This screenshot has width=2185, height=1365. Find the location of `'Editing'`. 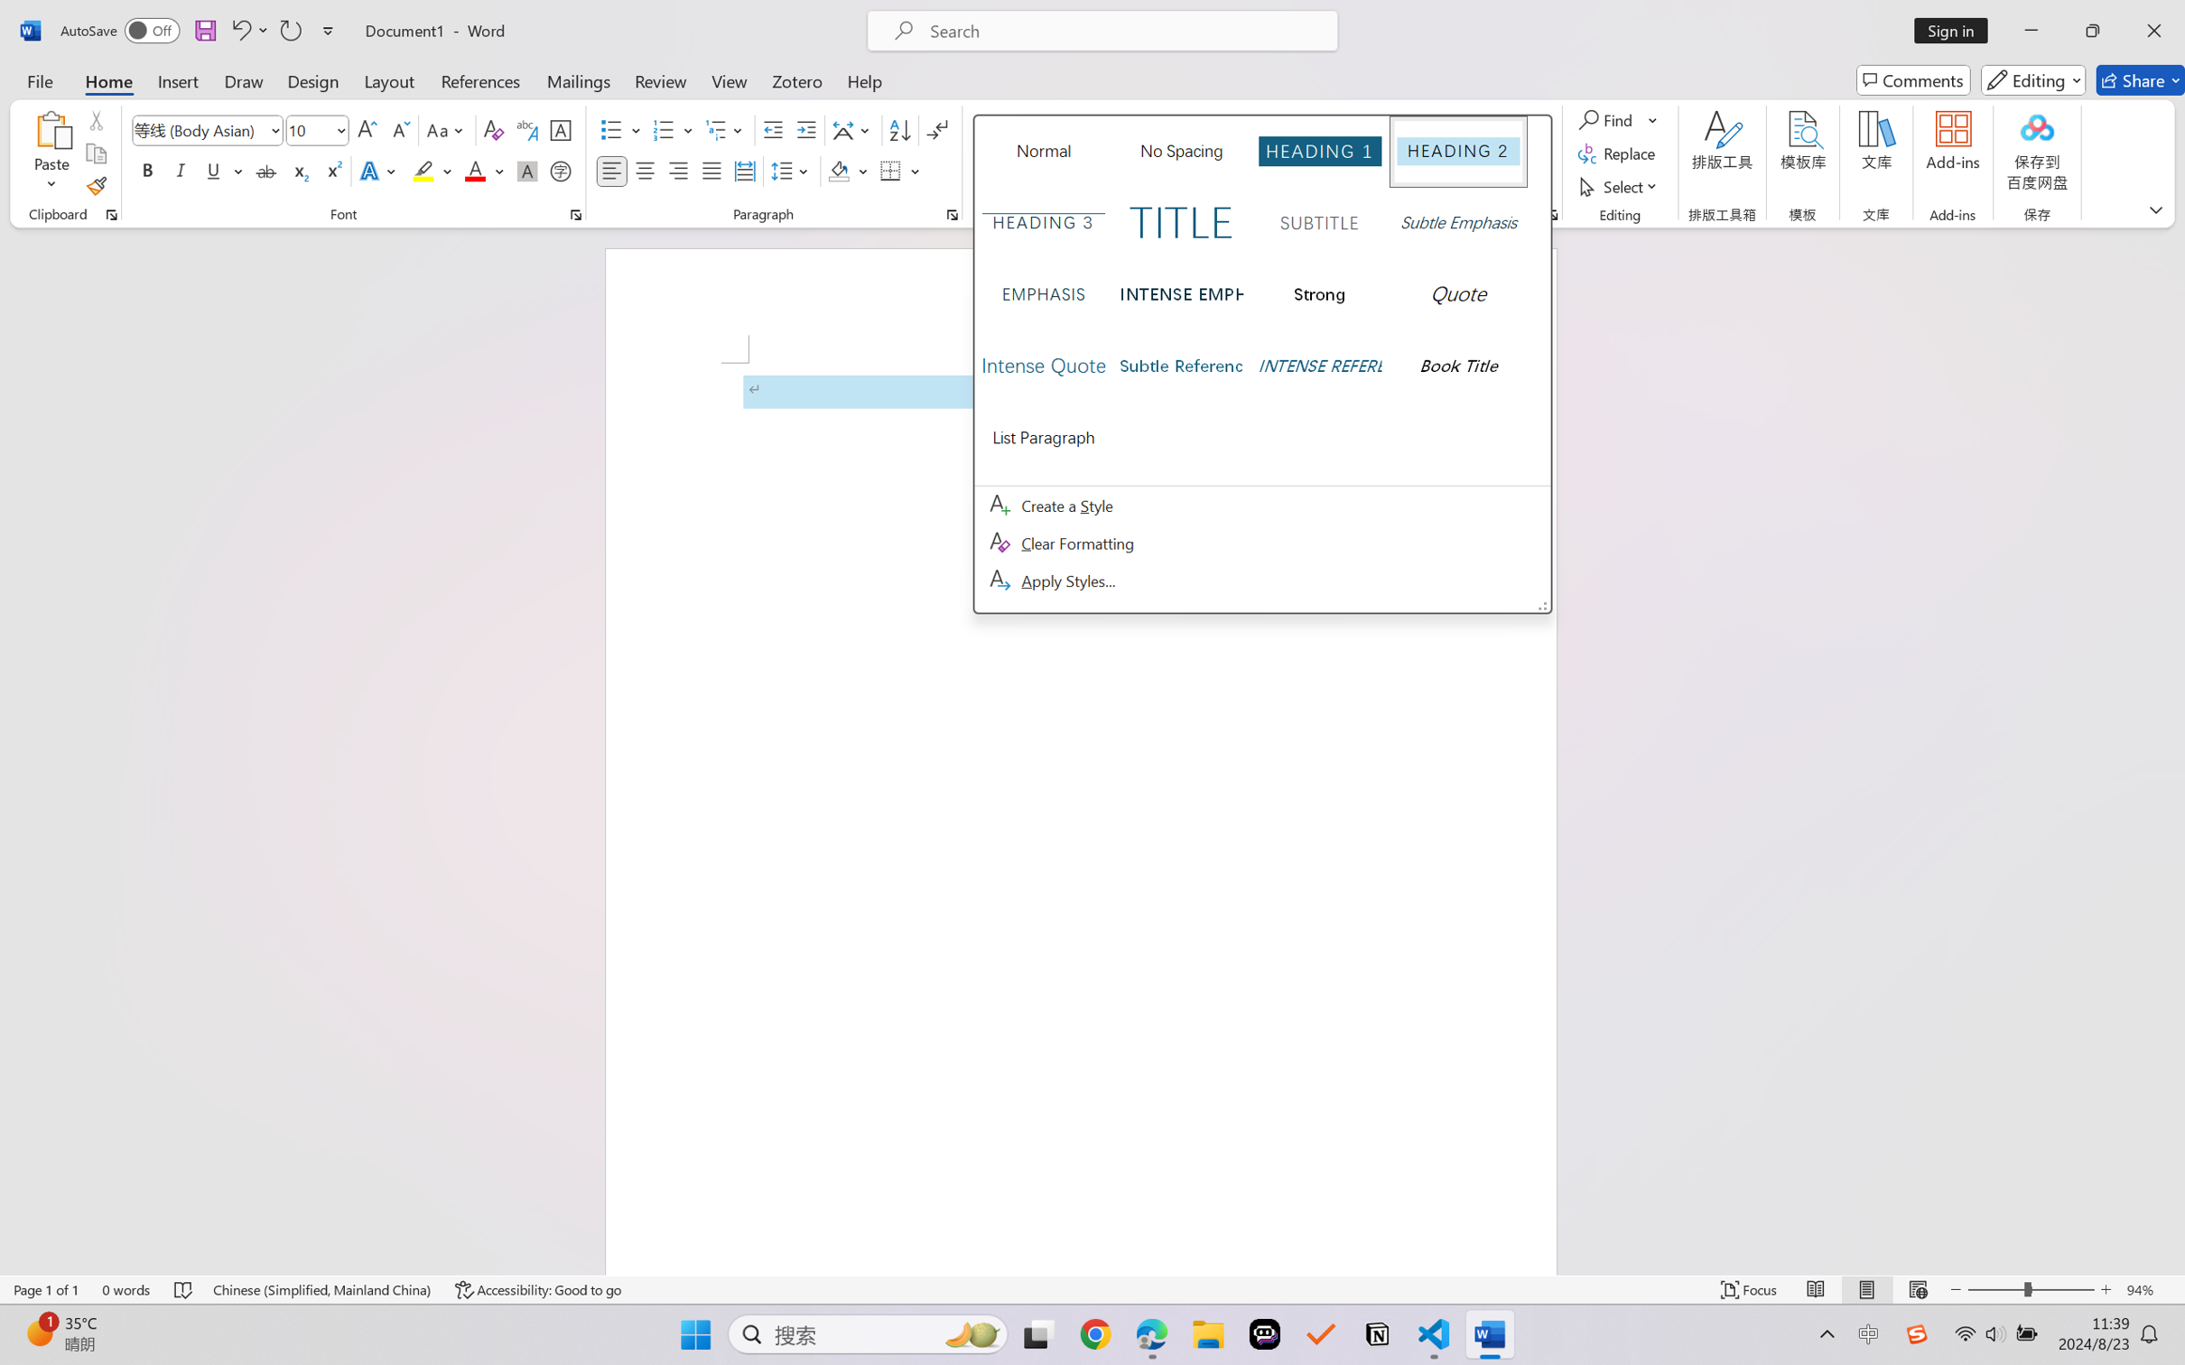

'Editing' is located at coordinates (2034, 79).